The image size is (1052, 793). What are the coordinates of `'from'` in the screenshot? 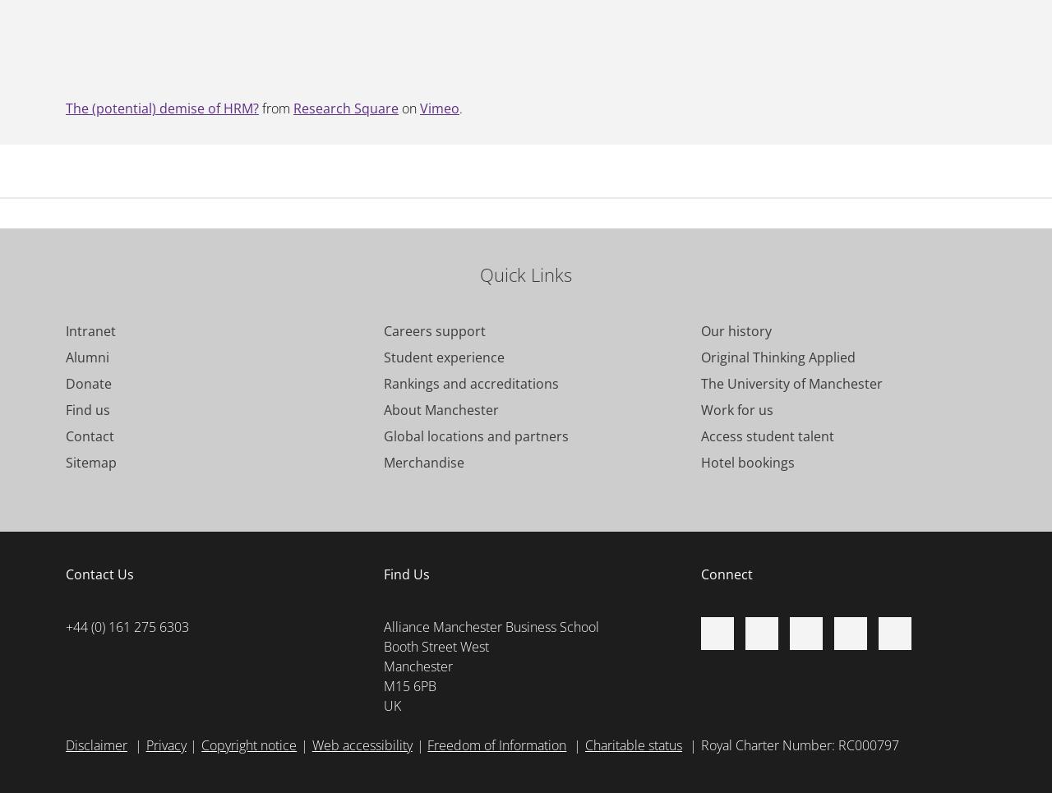 It's located at (276, 108).